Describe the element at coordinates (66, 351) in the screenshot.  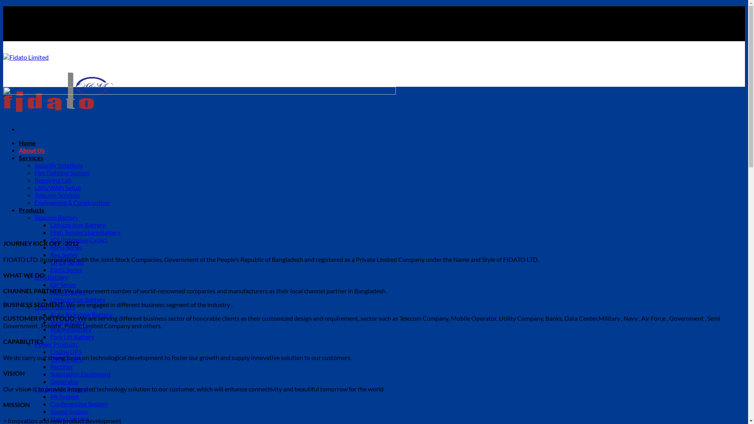
I see `'Online UPS'` at that location.